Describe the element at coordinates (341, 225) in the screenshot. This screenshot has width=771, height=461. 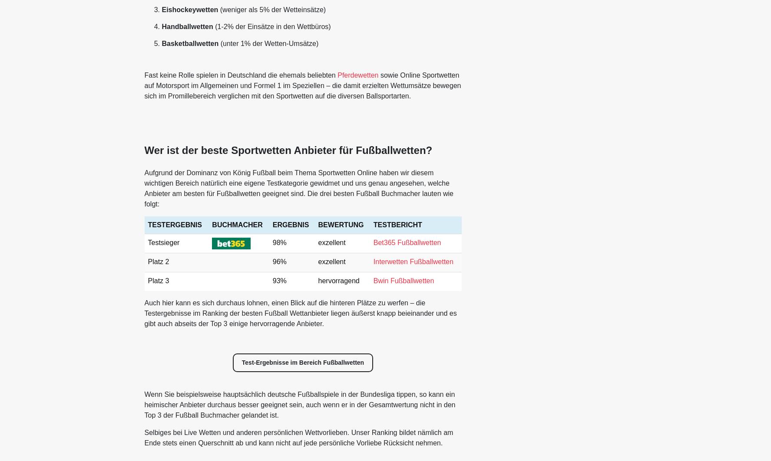
I see `'BEWERTUNG'` at that location.